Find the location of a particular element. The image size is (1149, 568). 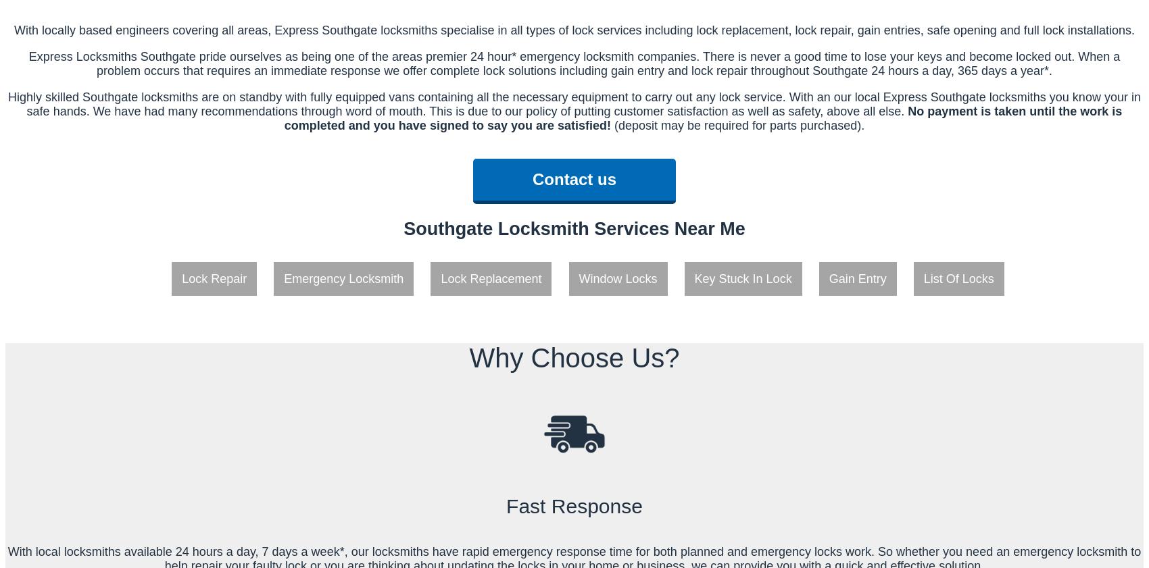

'Fast Response' is located at coordinates (573, 505).